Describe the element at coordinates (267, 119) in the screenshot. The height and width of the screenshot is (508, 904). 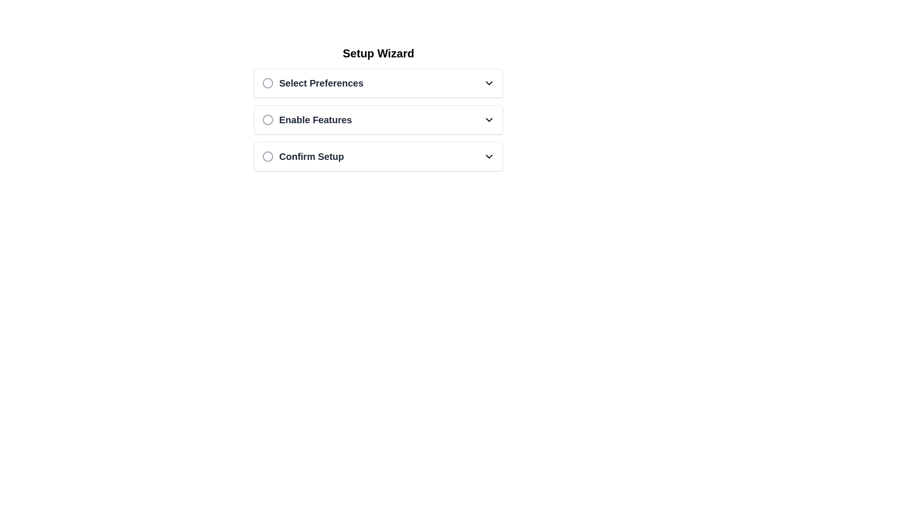
I see `the unselected radio button to the left of the 'Enable Features' text in the second row of the vertical list layout` at that location.